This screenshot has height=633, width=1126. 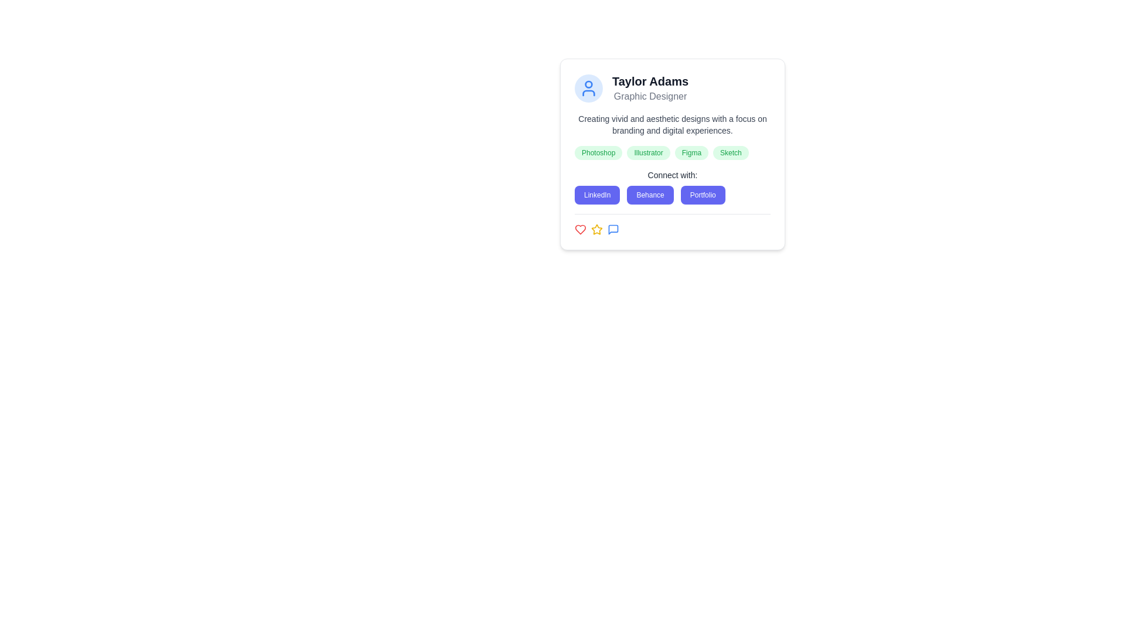 I want to click on the blue speech bubble icon located in the footer section of the user profile card, so click(x=613, y=230).